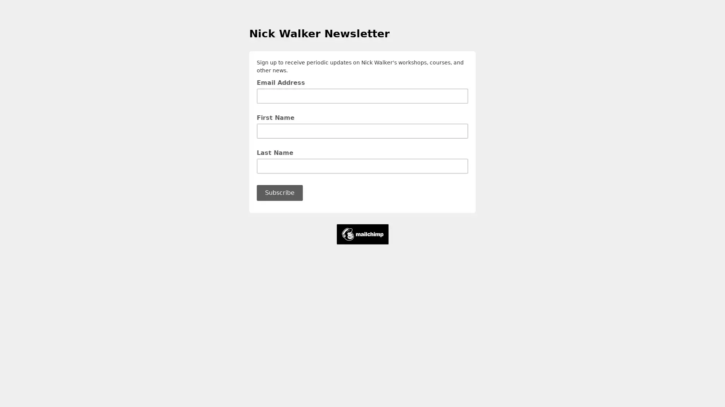  I want to click on Subscribe, so click(279, 192).